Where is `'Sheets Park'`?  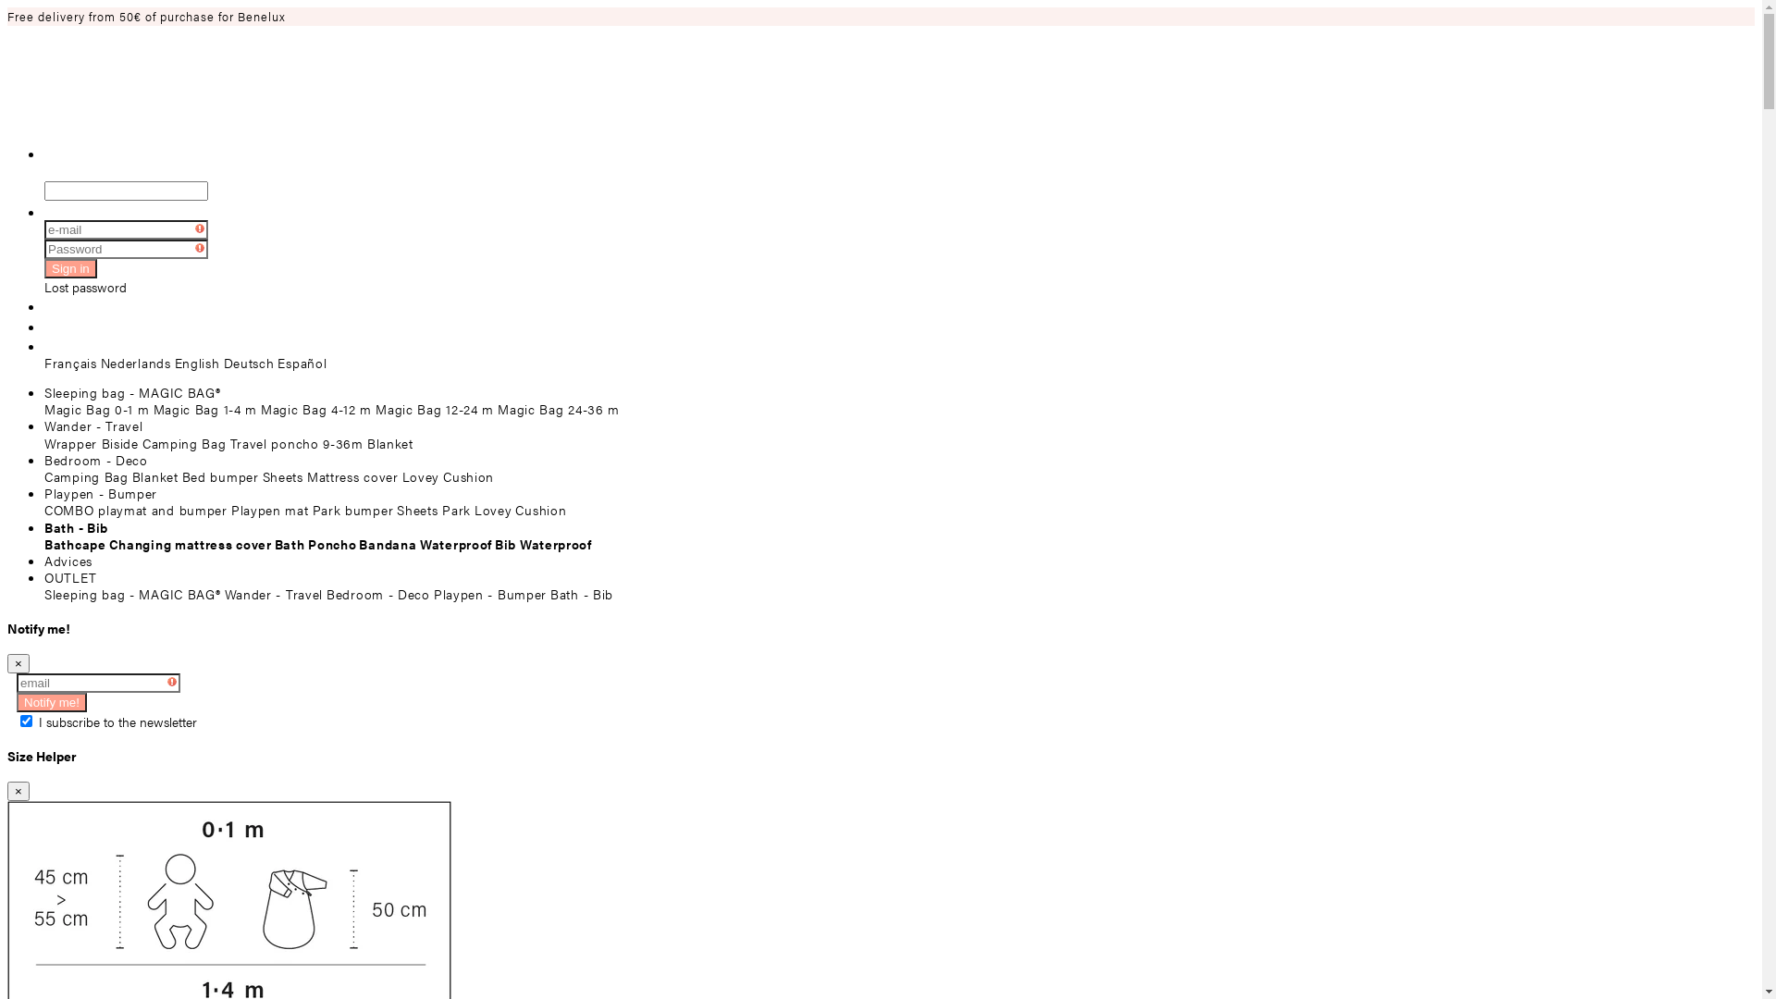 'Sheets Park' is located at coordinates (433, 510).